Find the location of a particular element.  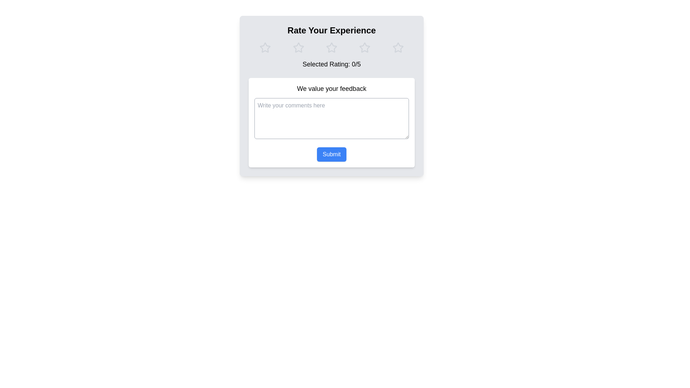

the fifth star in the rating system to give a 5-star rating is located at coordinates (397, 47).